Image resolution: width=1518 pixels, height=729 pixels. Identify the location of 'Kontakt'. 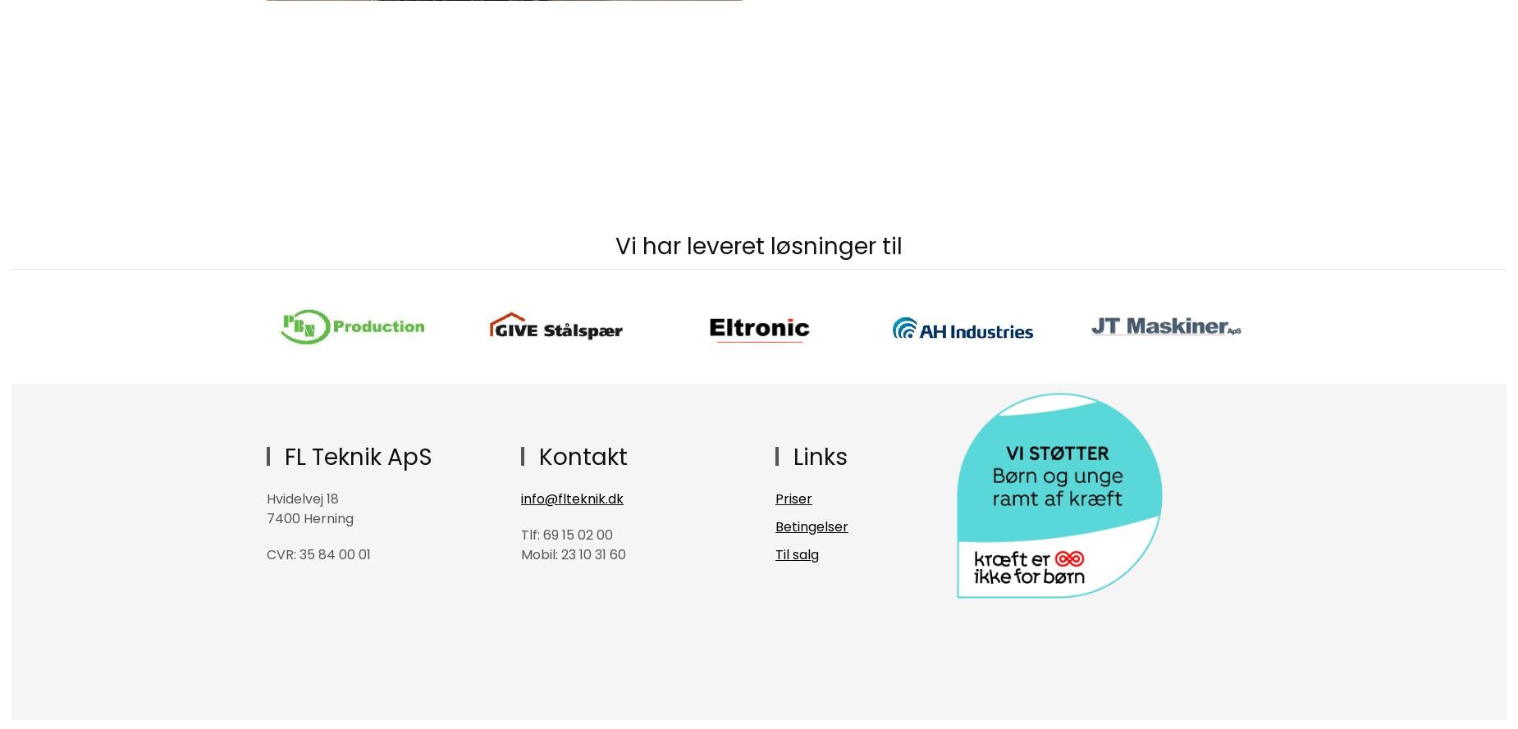
(579, 457).